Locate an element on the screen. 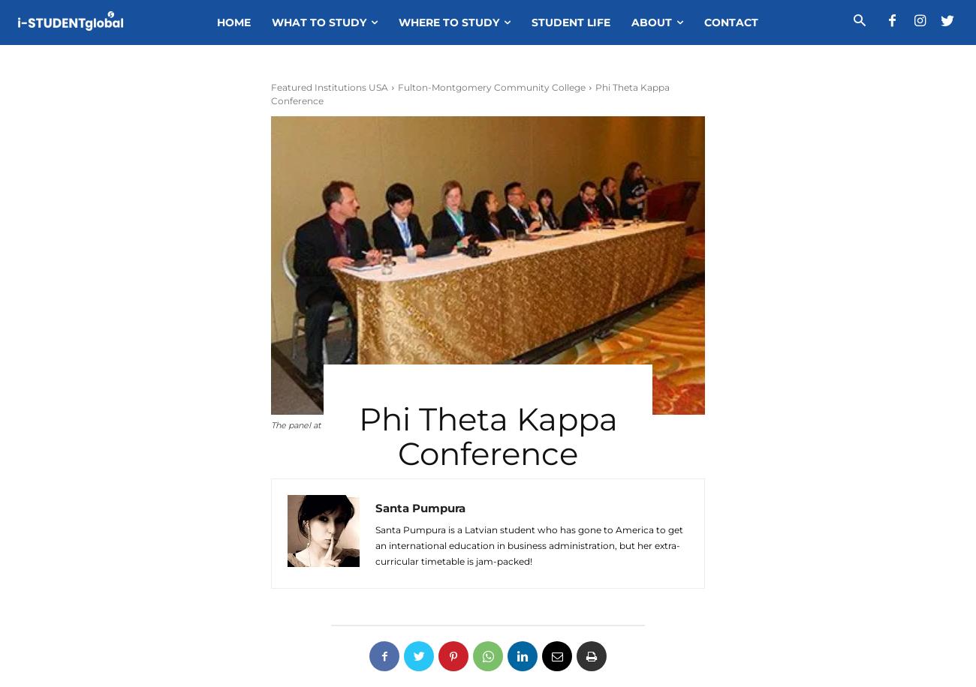  'STUDENT LIFE' is located at coordinates (570, 22).